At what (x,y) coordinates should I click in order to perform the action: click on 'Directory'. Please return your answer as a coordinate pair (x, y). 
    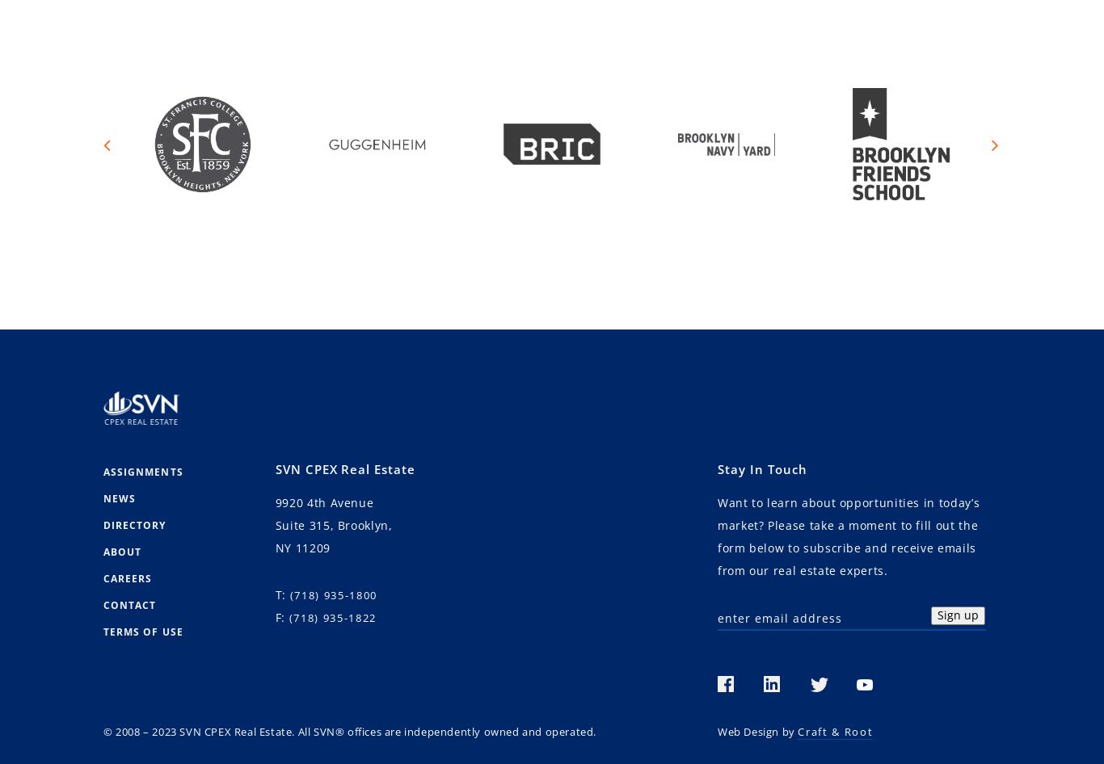
    Looking at the image, I should click on (133, 525).